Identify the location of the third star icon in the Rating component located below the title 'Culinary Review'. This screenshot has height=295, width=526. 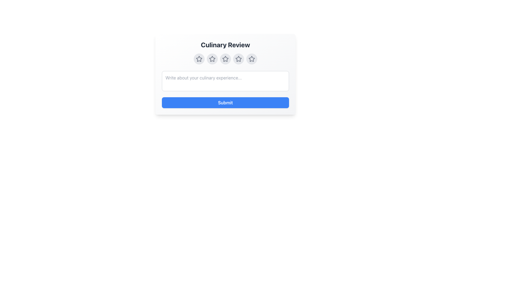
(225, 59).